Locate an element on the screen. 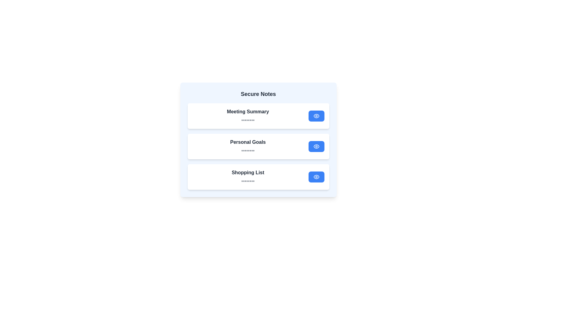 This screenshot has width=586, height=329. the 'eye' button next to the note title to reveal its content is located at coordinates (316, 116).